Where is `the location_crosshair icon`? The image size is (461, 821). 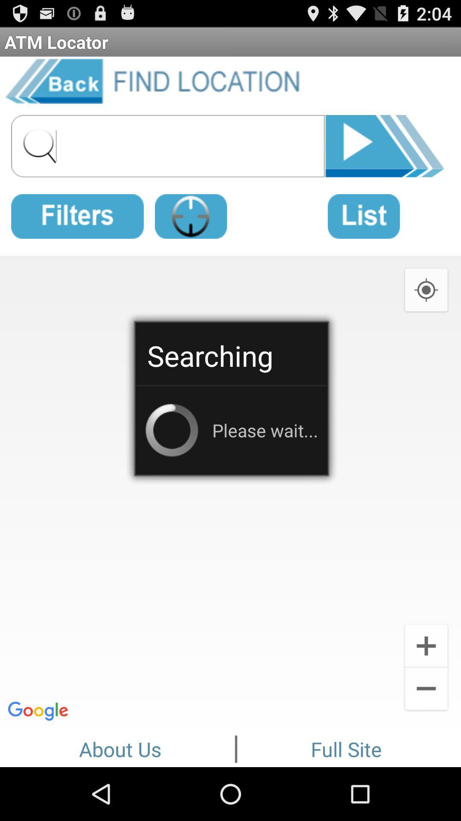 the location_crosshair icon is located at coordinates (426, 309).